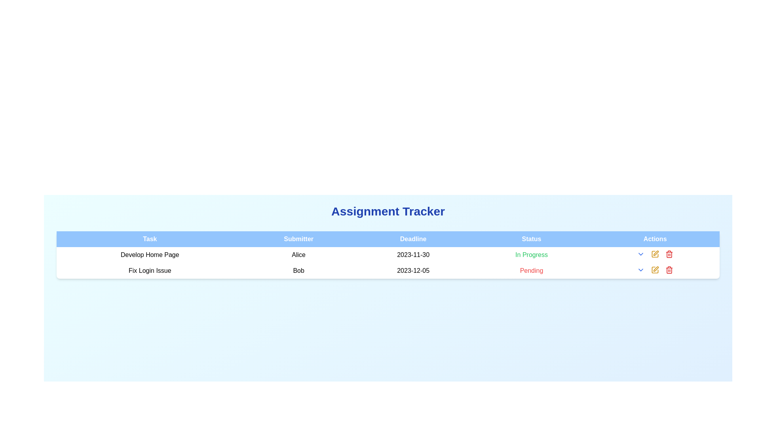  I want to click on text displayed in the 'Status' column for the task 'Develop Home Page', indicating the current status of the task, so click(532, 255).